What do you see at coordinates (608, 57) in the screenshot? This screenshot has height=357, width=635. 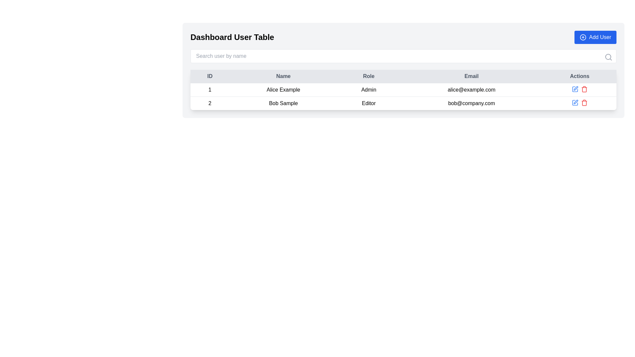 I see `the SVG Circle element styled with a stroke, located within the magnifying glass icon in the top-right corner of the search bar at the top of the dashboard interface` at bounding box center [608, 57].